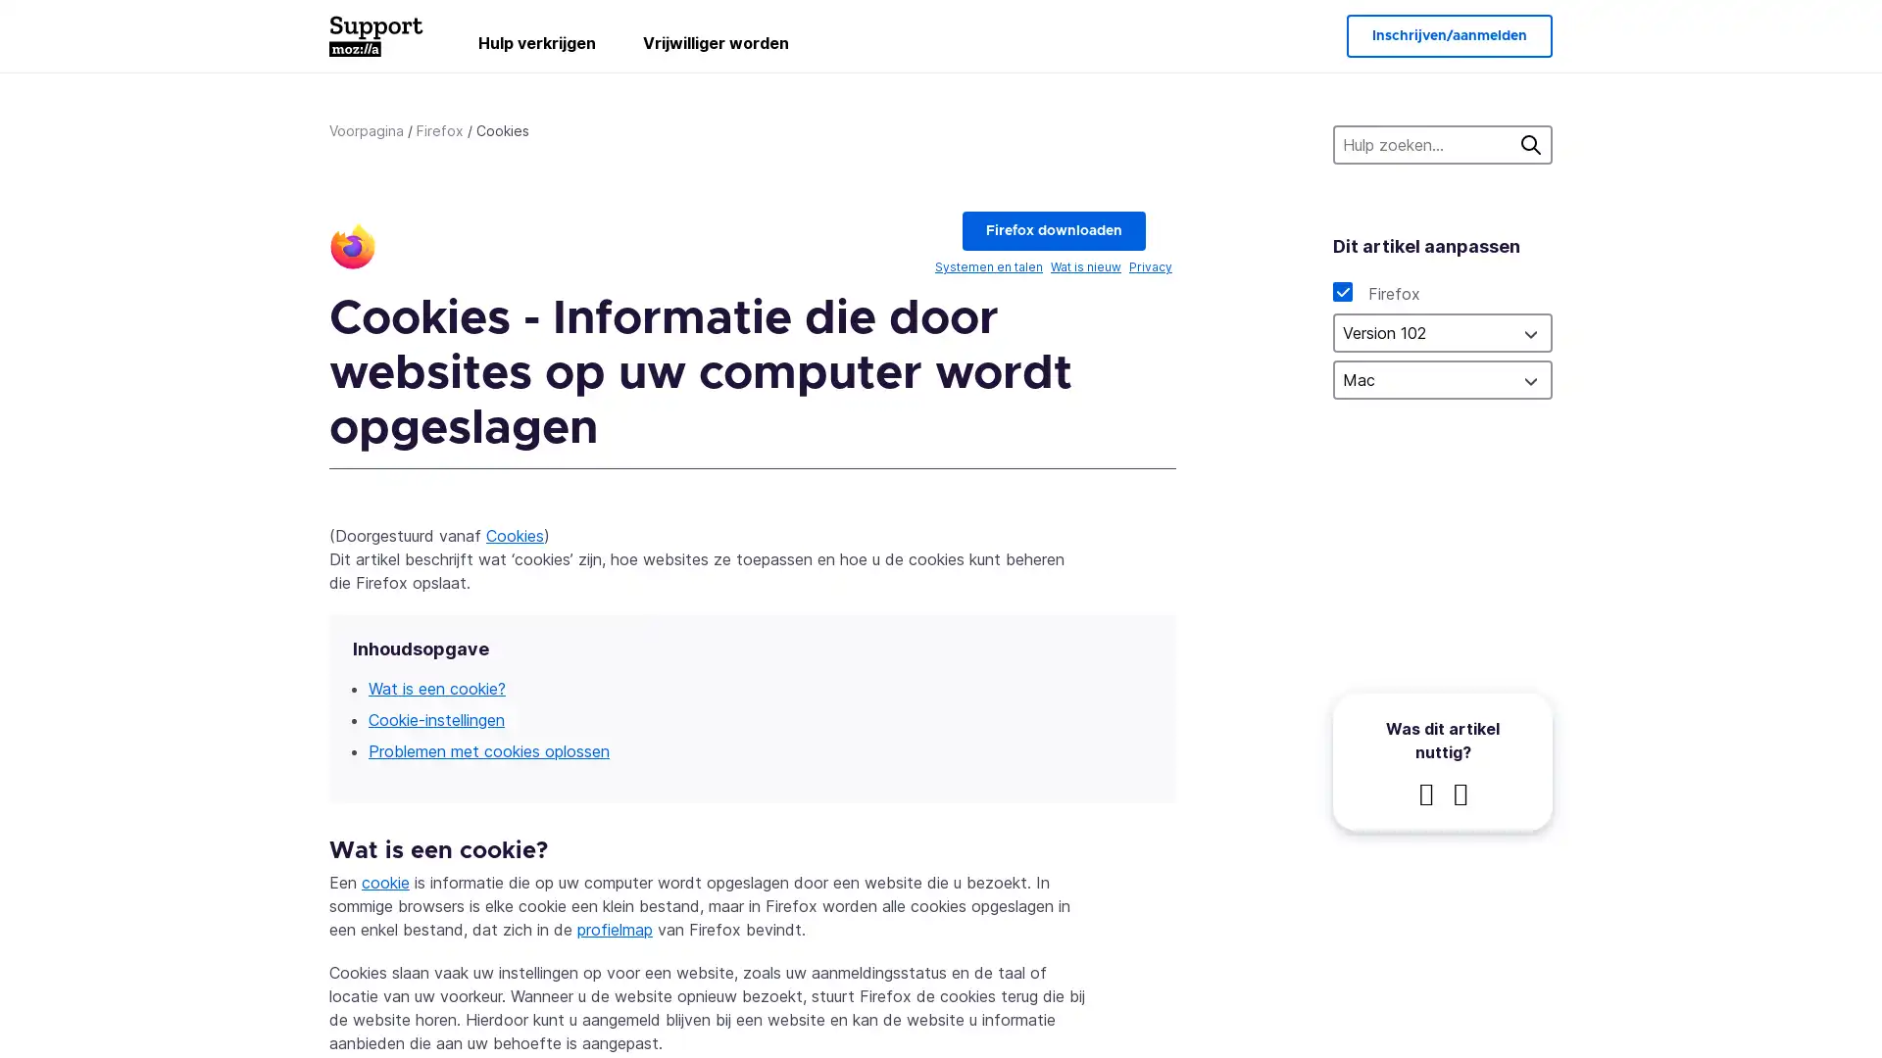 This screenshot has width=1882, height=1058. What do you see at coordinates (1425, 793) in the screenshot?
I see `Ja` at bounding box center [1425, 793].